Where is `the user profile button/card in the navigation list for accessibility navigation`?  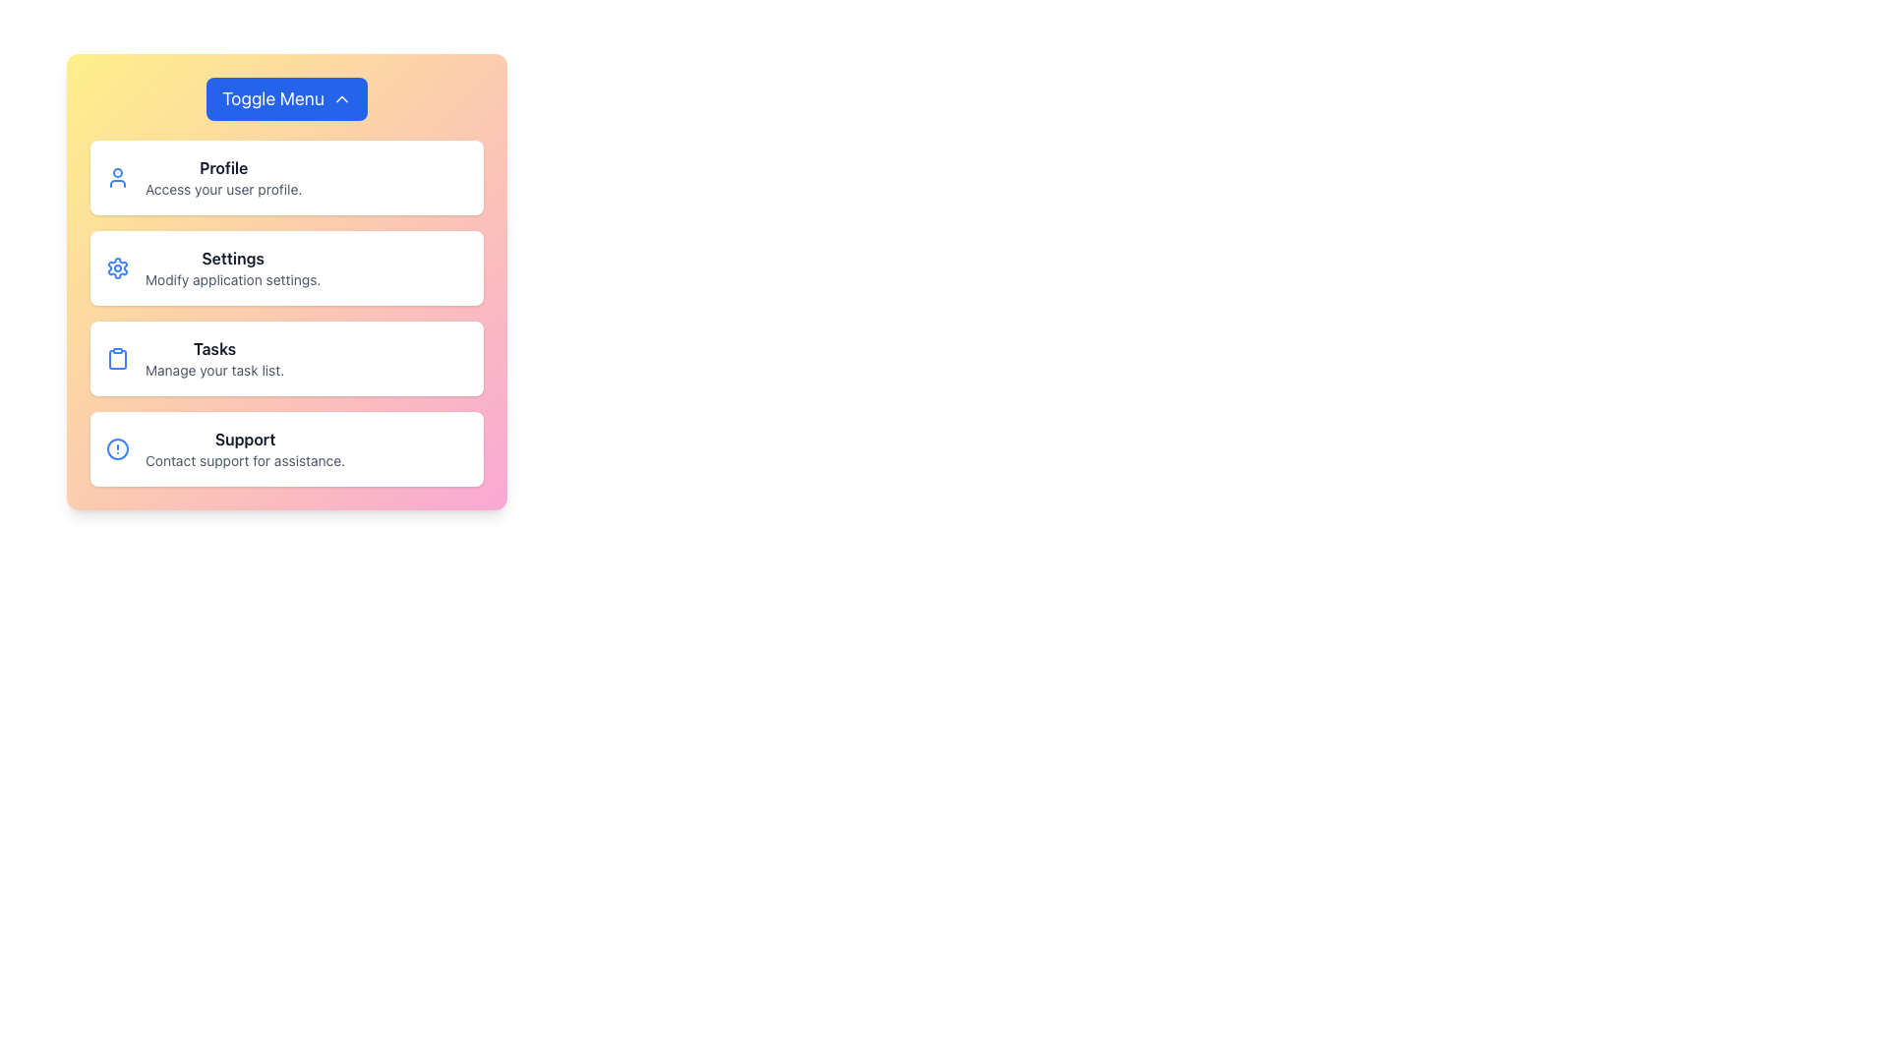 the user profile button/card in the navigation list for accessibility navigation is located at coordinates (286, 178).